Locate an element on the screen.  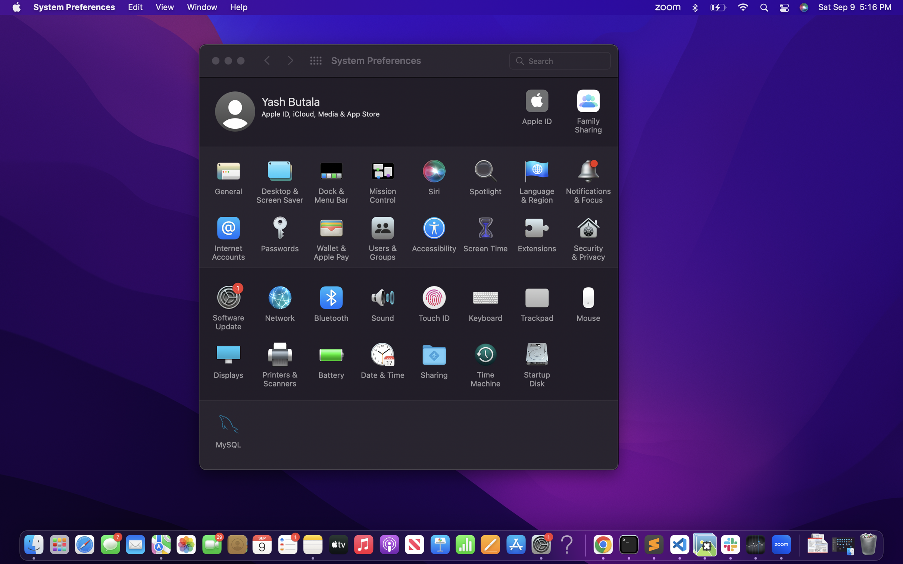
Go the next page of system preferences window is located at coordinates (290, 60).